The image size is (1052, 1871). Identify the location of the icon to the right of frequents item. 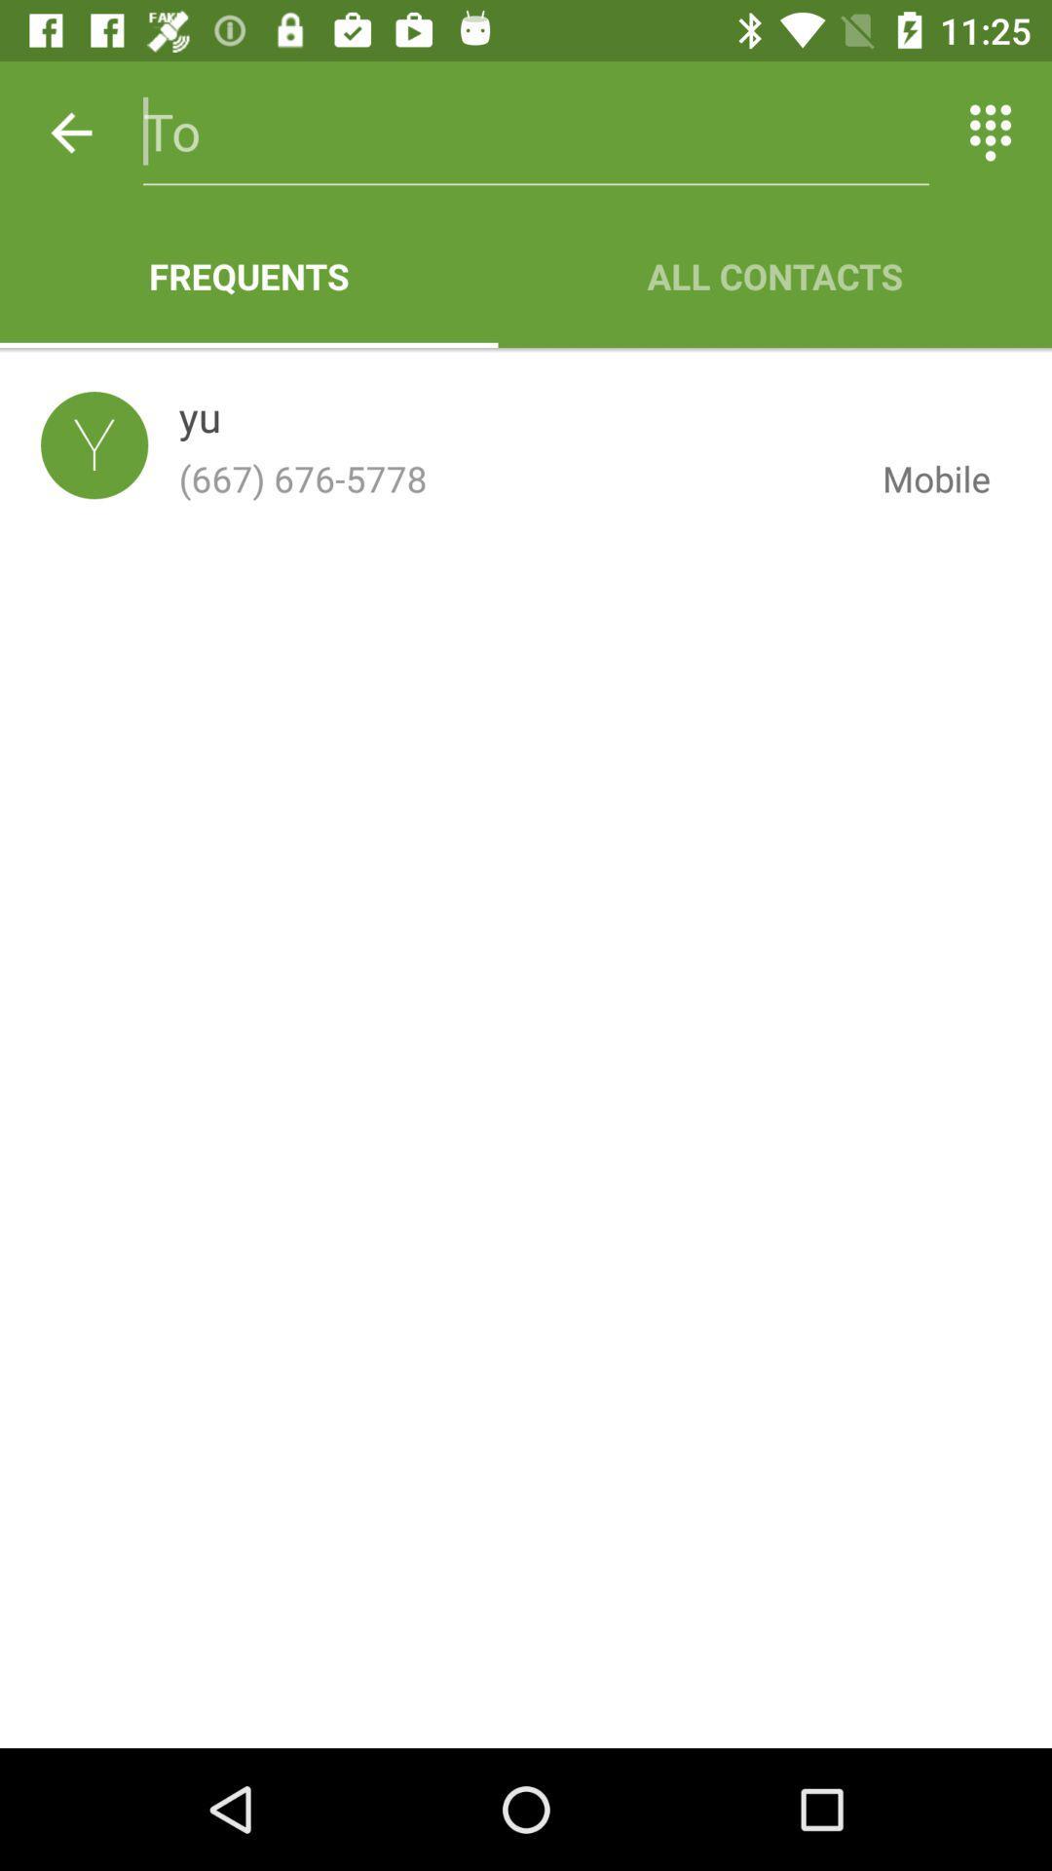
(773, 275).